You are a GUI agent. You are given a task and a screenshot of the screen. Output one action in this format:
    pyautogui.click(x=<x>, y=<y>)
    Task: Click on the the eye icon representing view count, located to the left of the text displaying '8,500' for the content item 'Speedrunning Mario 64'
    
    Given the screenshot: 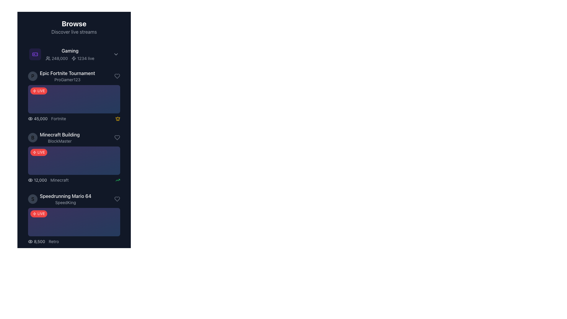 What is the action you would take?
    pyautogui.click(x=30, y=241)
    